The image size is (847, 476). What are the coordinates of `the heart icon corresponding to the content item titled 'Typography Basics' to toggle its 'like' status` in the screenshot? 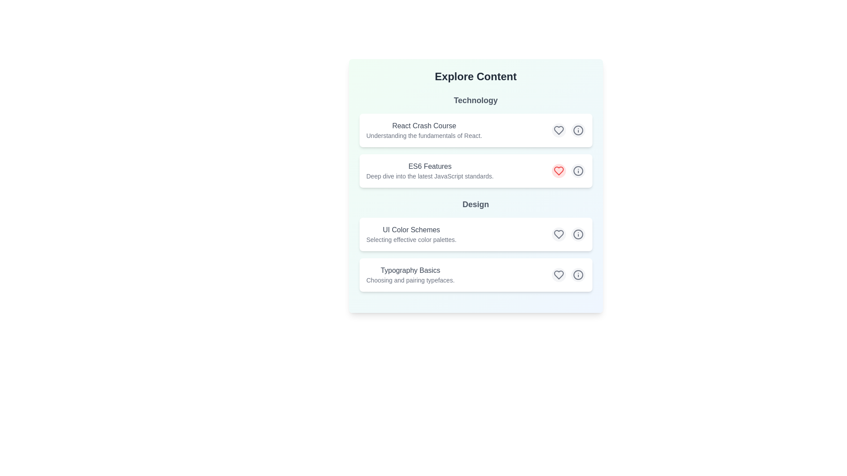 It's located at (558, 275).